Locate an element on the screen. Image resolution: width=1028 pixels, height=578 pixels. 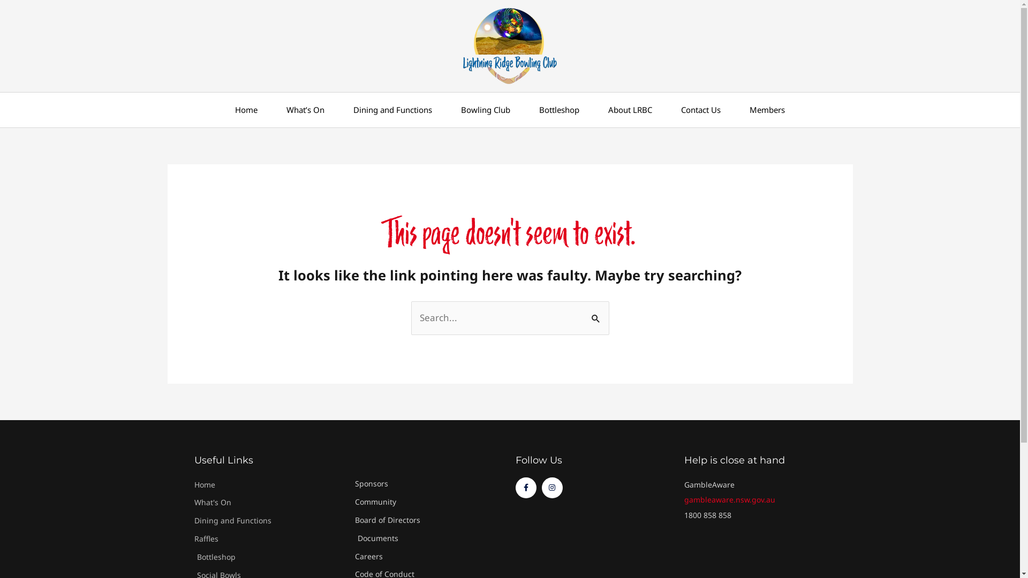
'Members' is located at coordinates (767, 110).